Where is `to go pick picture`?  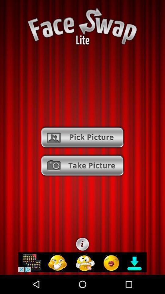
to go pick picture is located at coordinates (82, 137).